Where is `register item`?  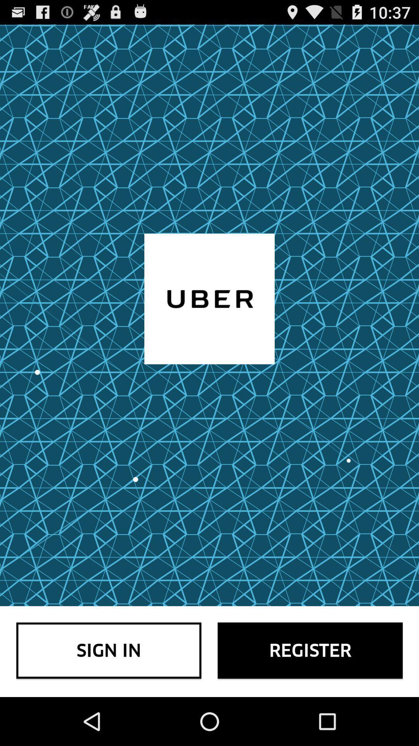
register item is located at coordinates (310, 650).